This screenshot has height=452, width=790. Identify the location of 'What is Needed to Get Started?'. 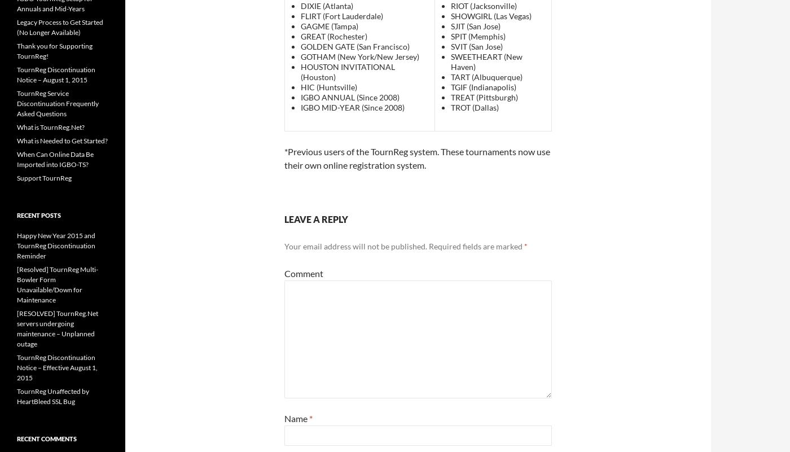
(62, 140).